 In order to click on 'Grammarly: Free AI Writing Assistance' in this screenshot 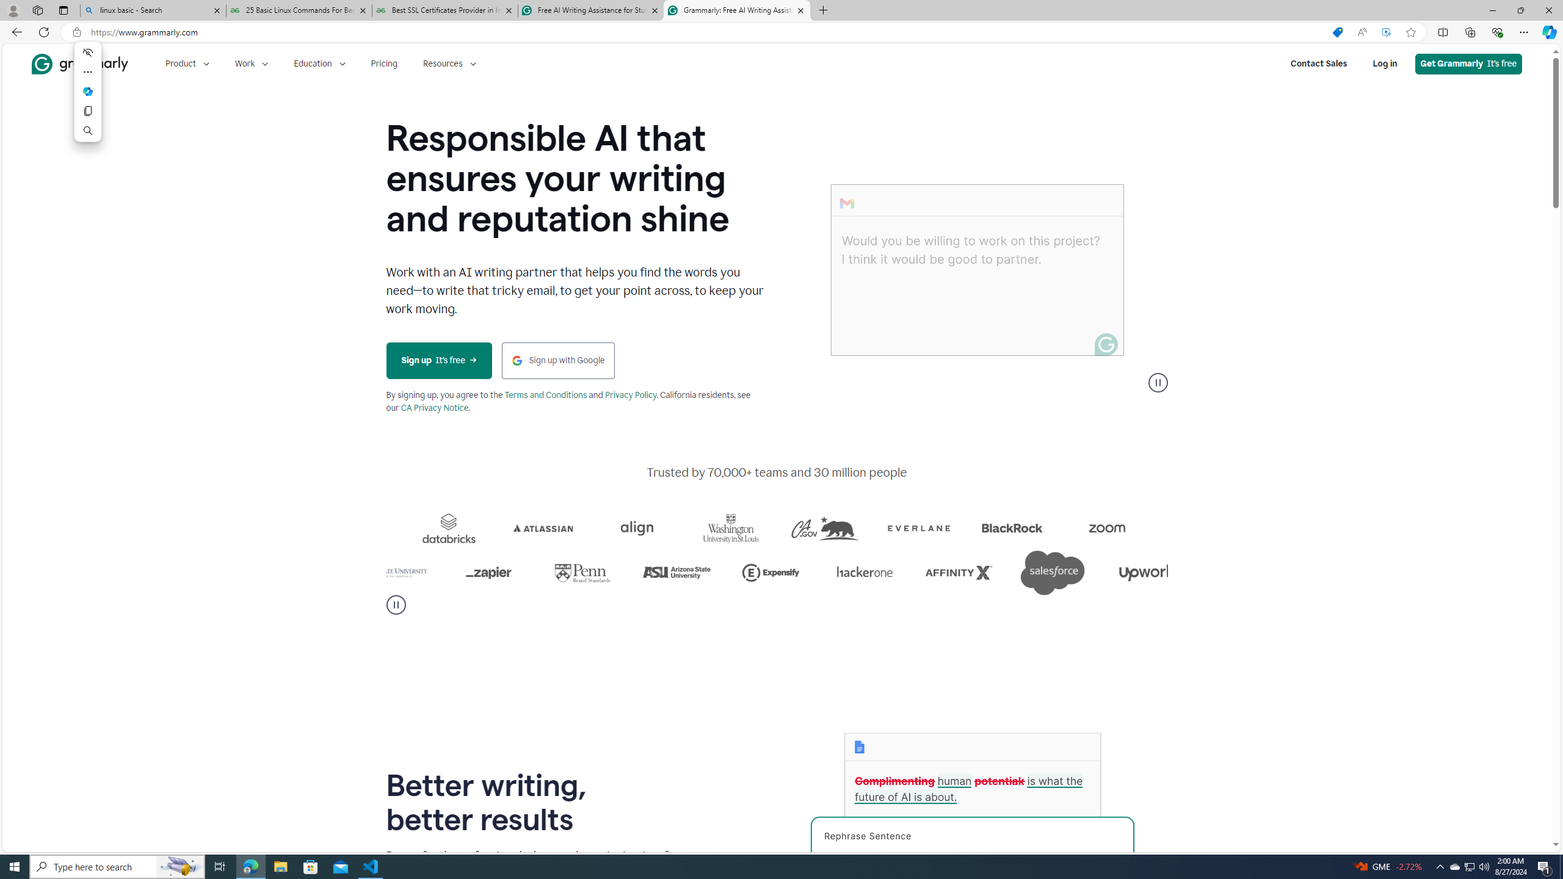, I will do `click(735, 10)`.